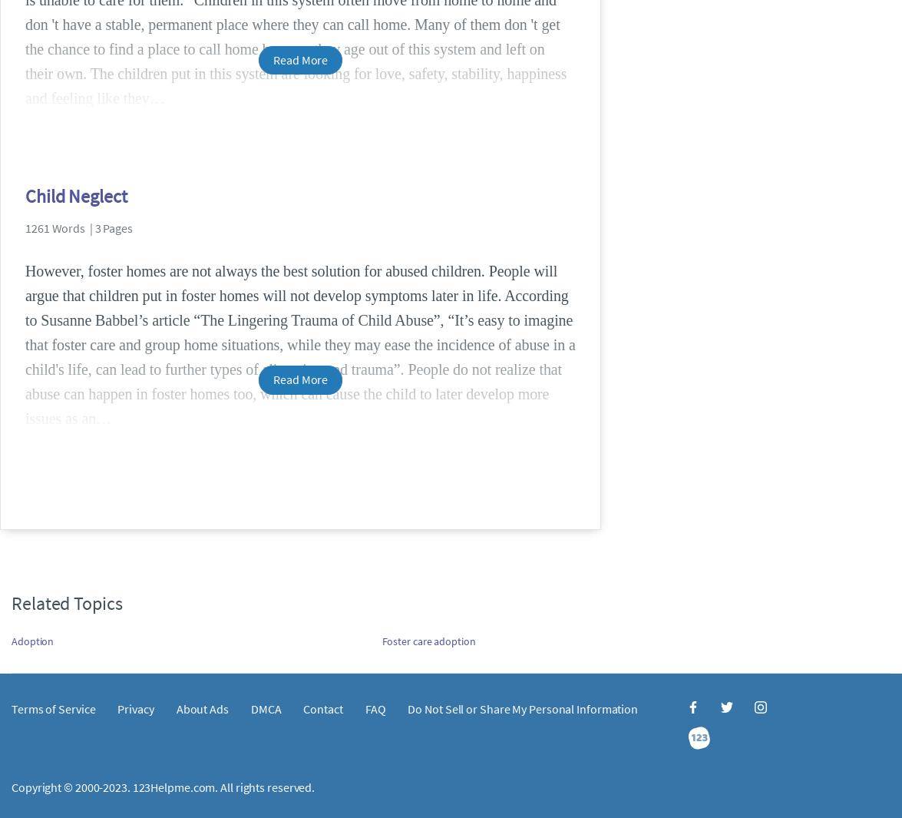 The height and width of the screenshot is (818, 902). What do you see at coordinates (163, 786) in the screenshot?
I see `'Copyright © 2000-2023. 123Helpme.com. All rights reserved.'` at bounding box center [163, 786].